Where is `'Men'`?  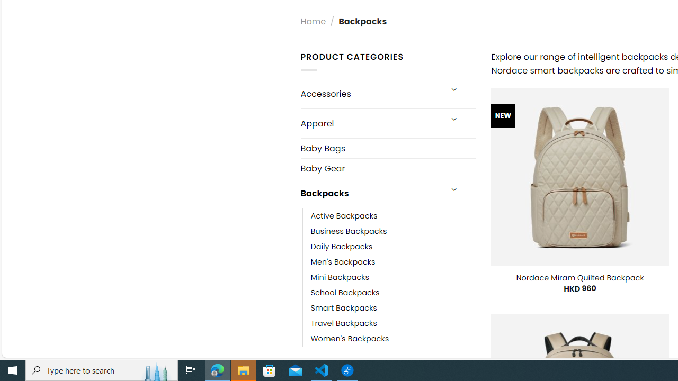 'Men' is located at coordinates (343, 262).